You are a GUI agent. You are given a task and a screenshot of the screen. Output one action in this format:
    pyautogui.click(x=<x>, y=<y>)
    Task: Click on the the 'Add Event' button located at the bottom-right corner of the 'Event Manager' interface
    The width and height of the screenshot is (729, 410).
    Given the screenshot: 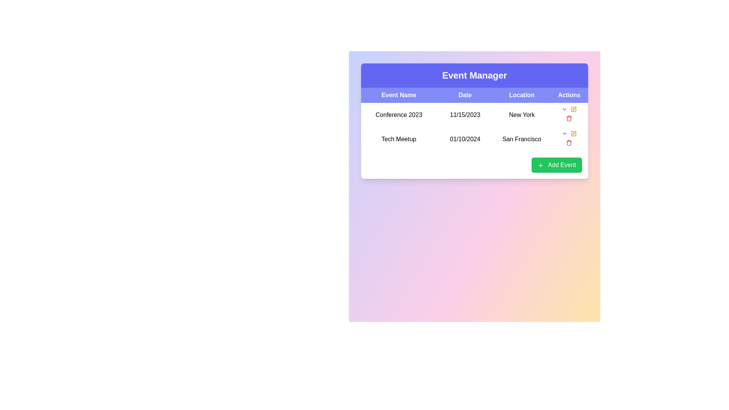 What is the action you would take?
    pyautogui.click(x=557, y=165)
    